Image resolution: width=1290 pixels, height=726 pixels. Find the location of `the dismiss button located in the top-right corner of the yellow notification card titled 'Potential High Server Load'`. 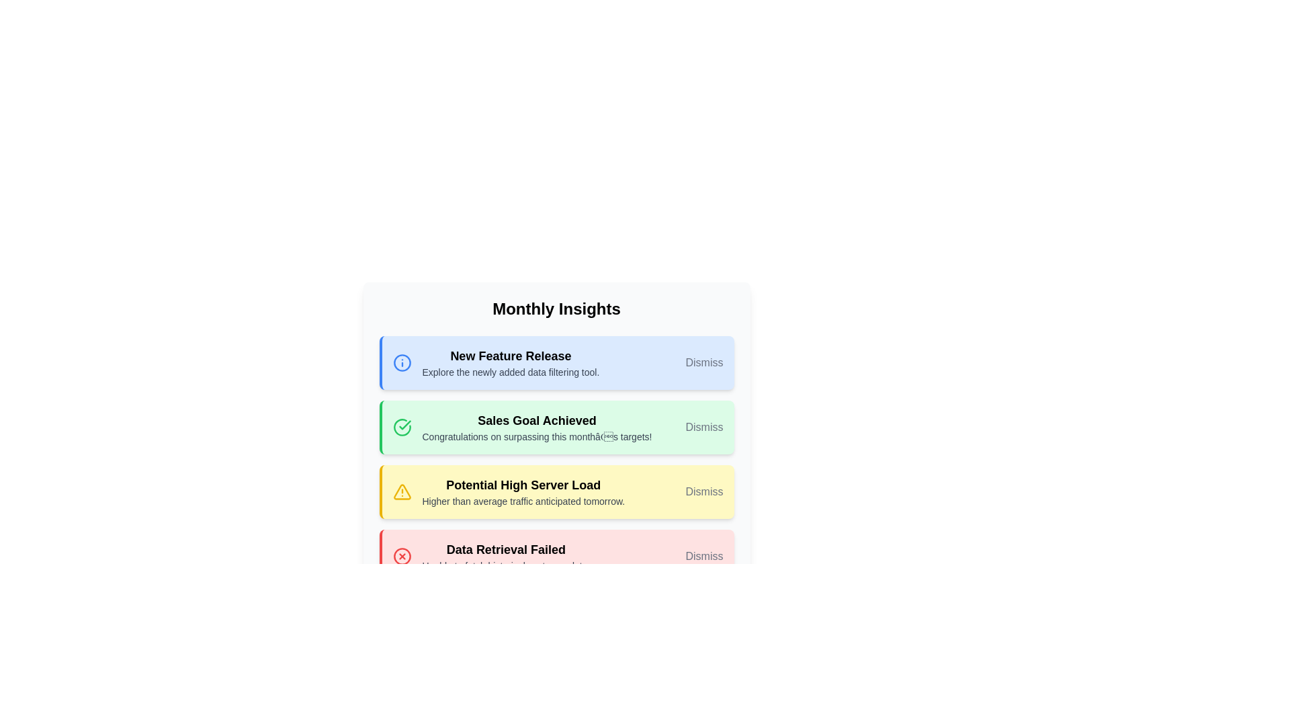

the dismiss button located in the top-right corner of the yellow notification card titled 'Potential High Server Load' is located at coordinates (703, 492).